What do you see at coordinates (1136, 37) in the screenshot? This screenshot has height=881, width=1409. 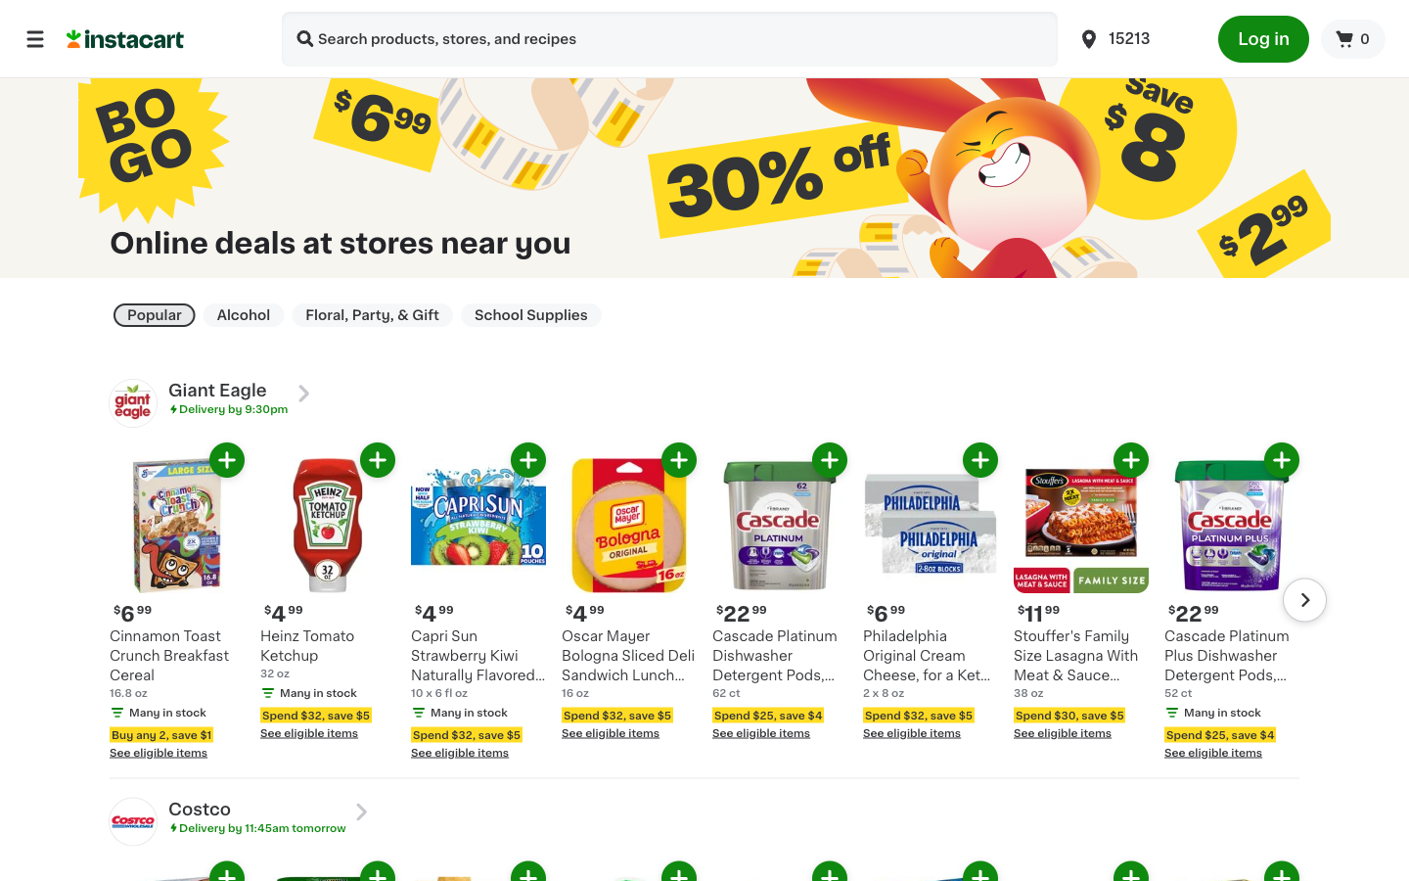 I see `Show me all items available for purchase in Pittsburgh` at bounding box center [1136, 37].